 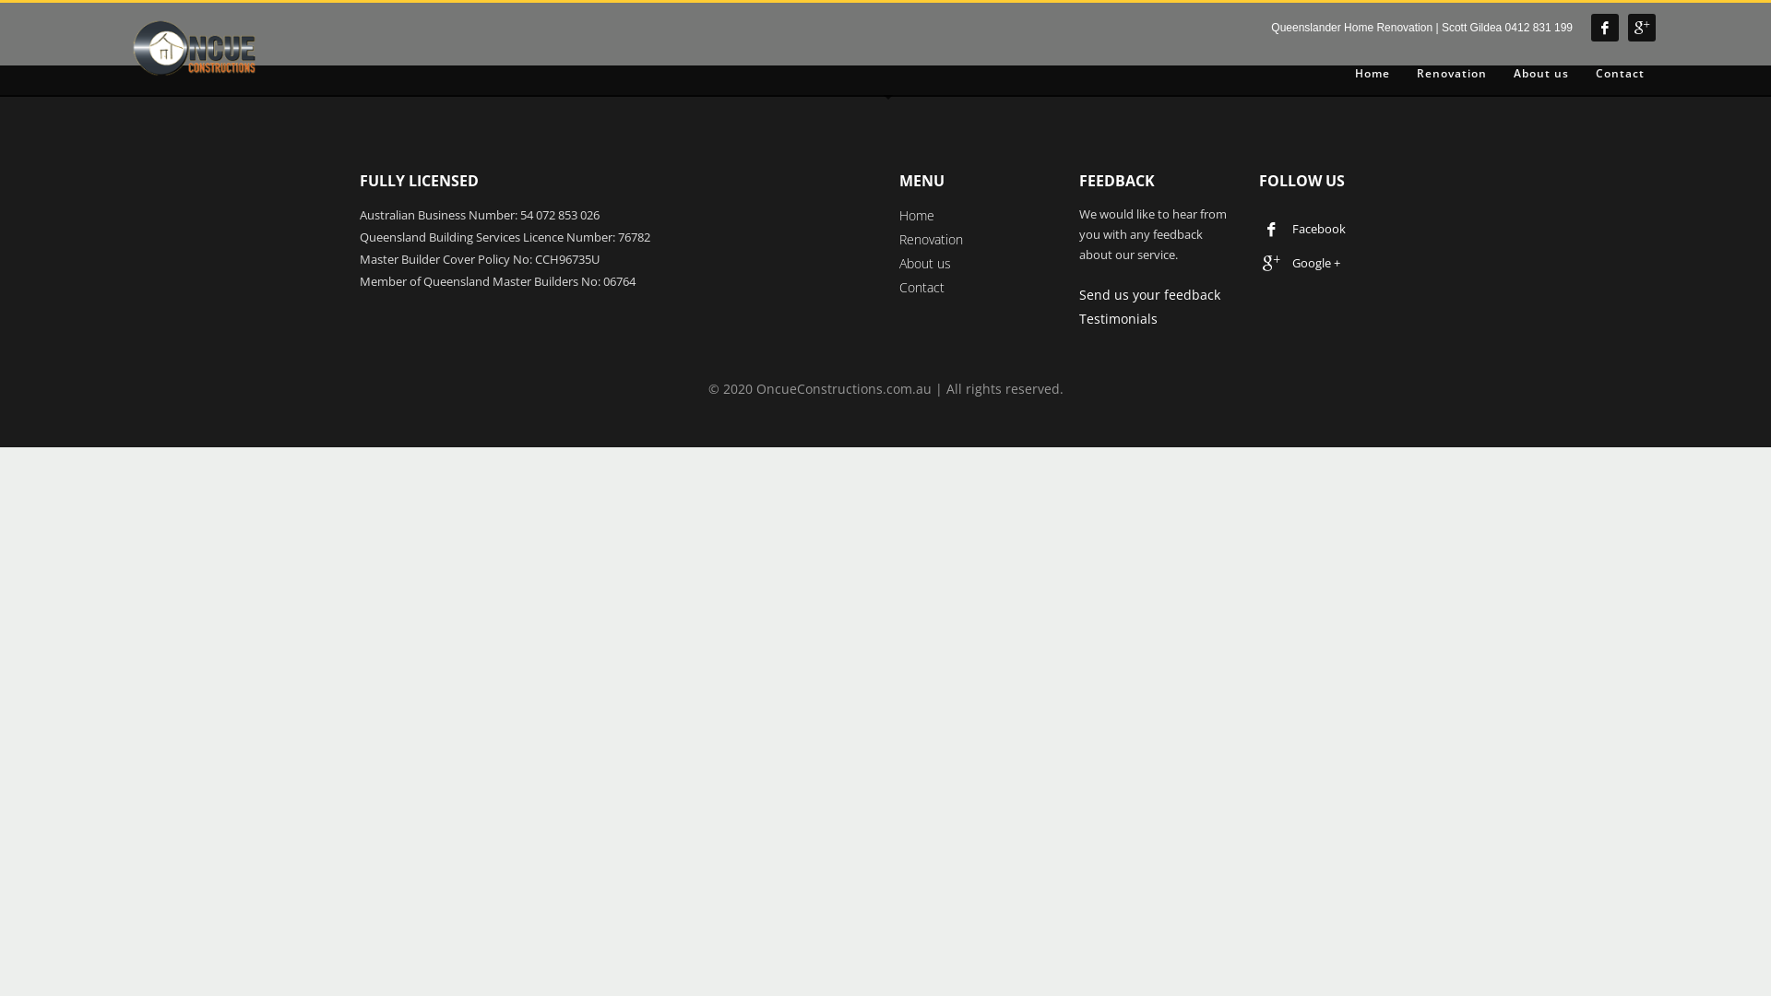 I want to click on 'Send us your feedback', so click(x=1148, y=293).